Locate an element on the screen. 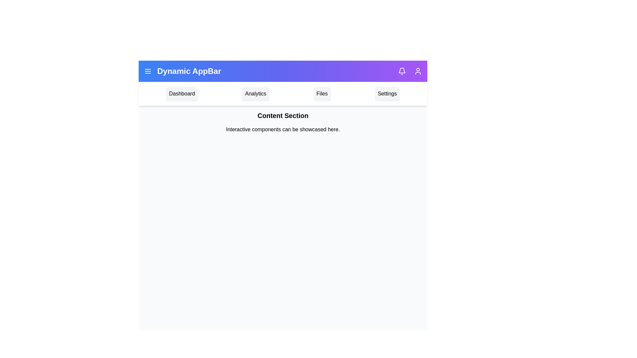 The width and height of the screenshot is (637, 358). the navigation menu item labeled Analytics is located at coordinates (255, 93).